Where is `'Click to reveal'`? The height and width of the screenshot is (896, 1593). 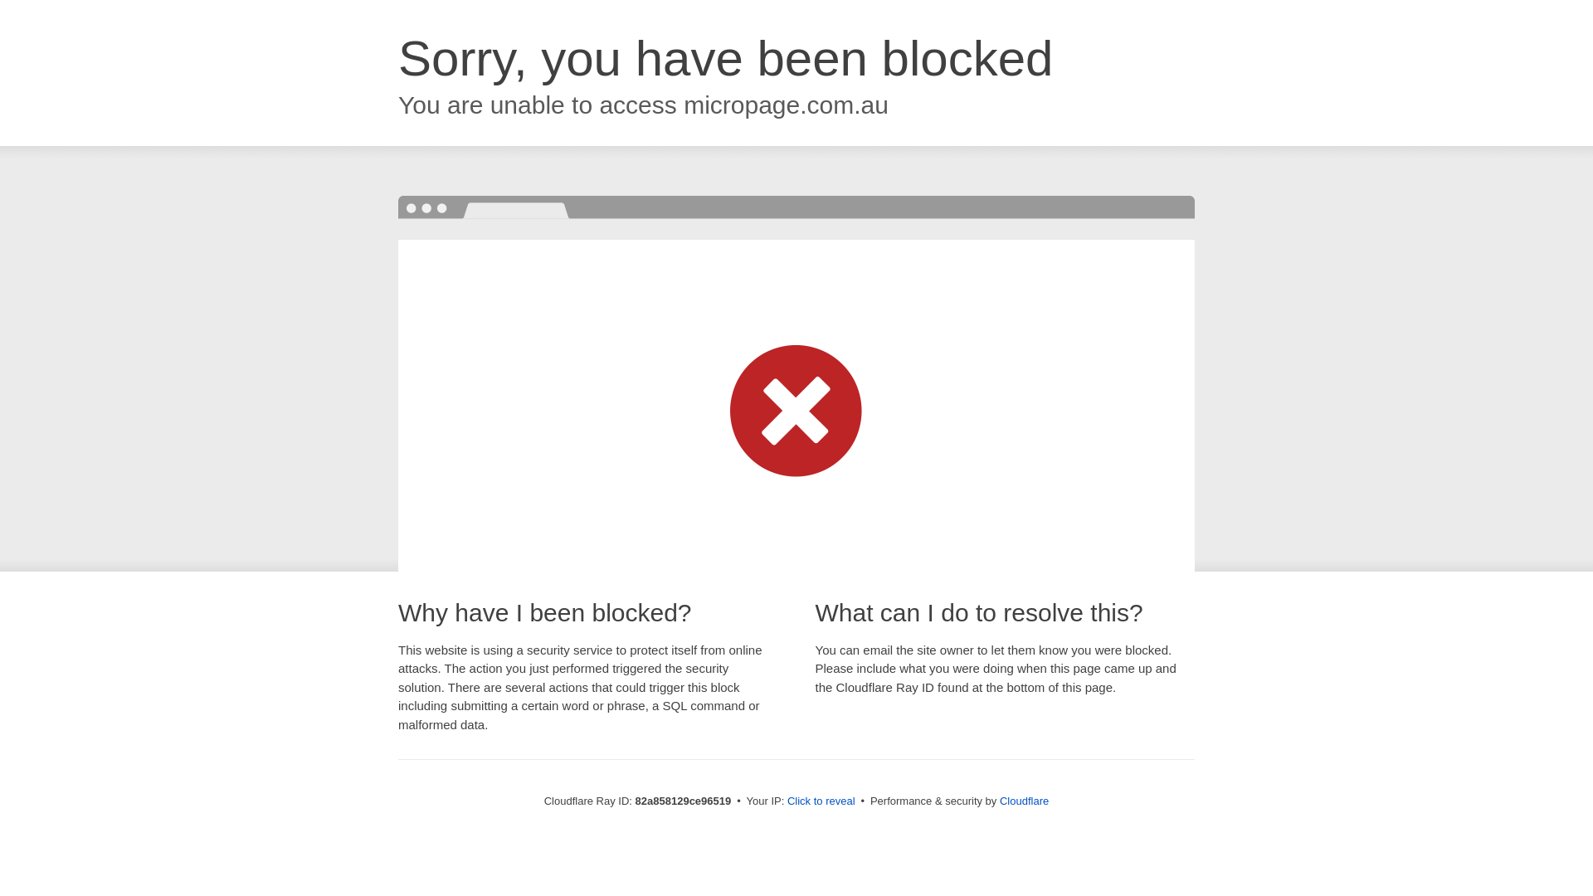 'Click to reveal' is located at coordinates (821, 800).